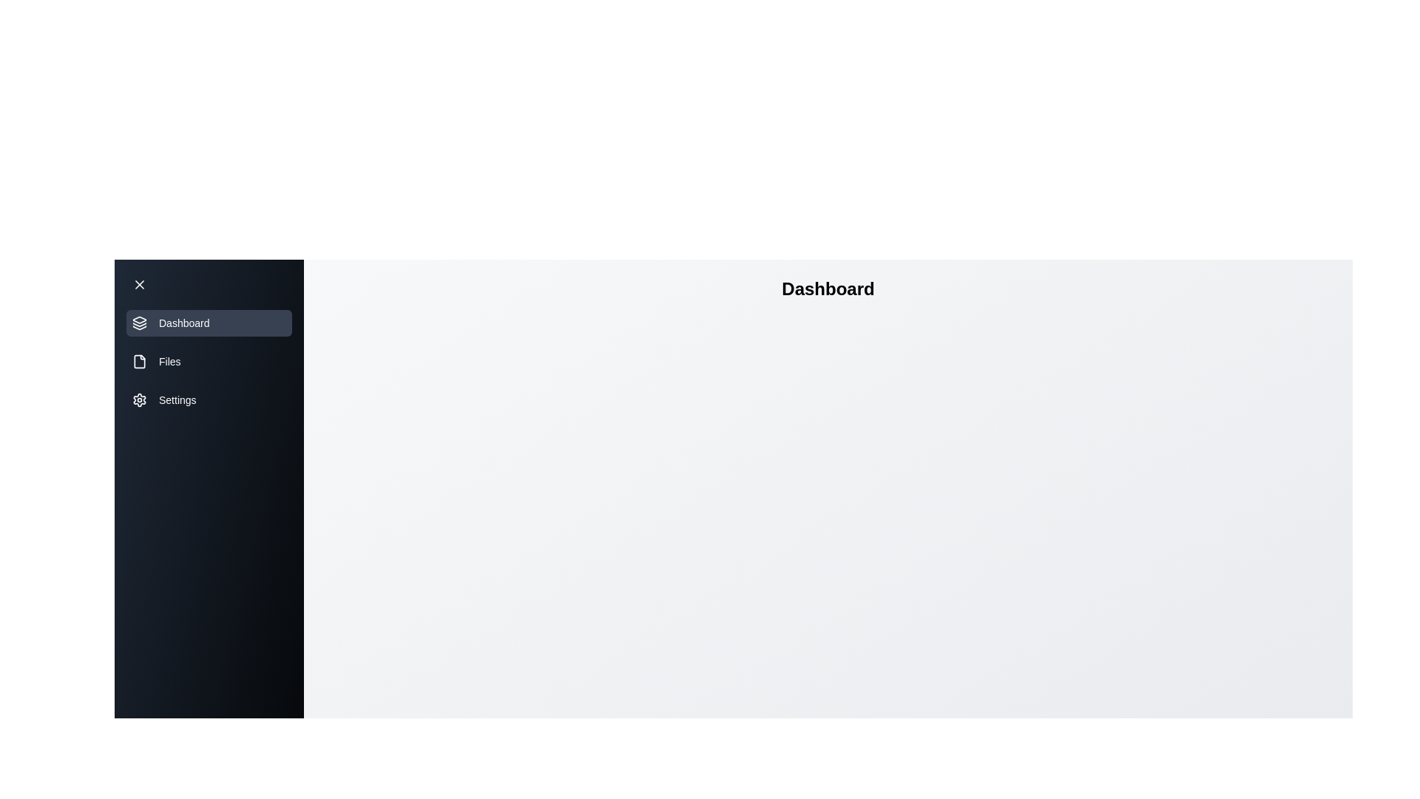 This screenshot has width=1420, height=799. I want to click on the toggle button to change the state of the drawer, so click(139, 285).